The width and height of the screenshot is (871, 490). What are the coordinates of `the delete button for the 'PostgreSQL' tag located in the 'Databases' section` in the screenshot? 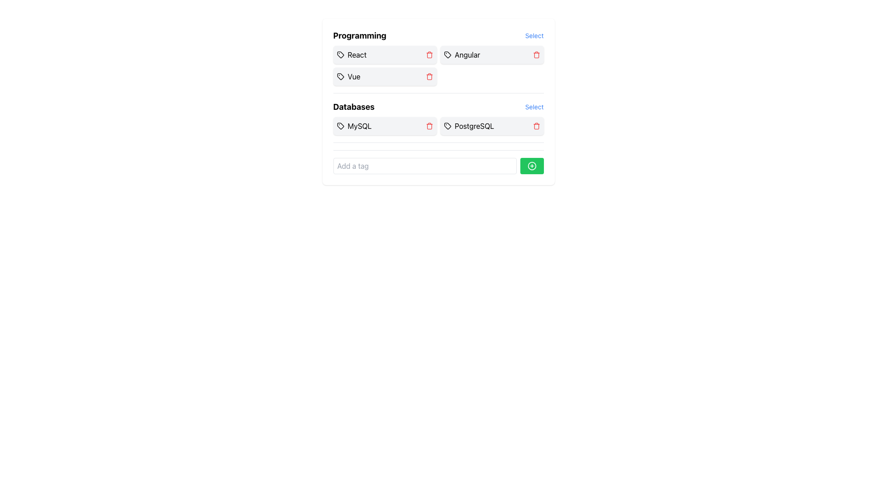 It's located at (536, 126).